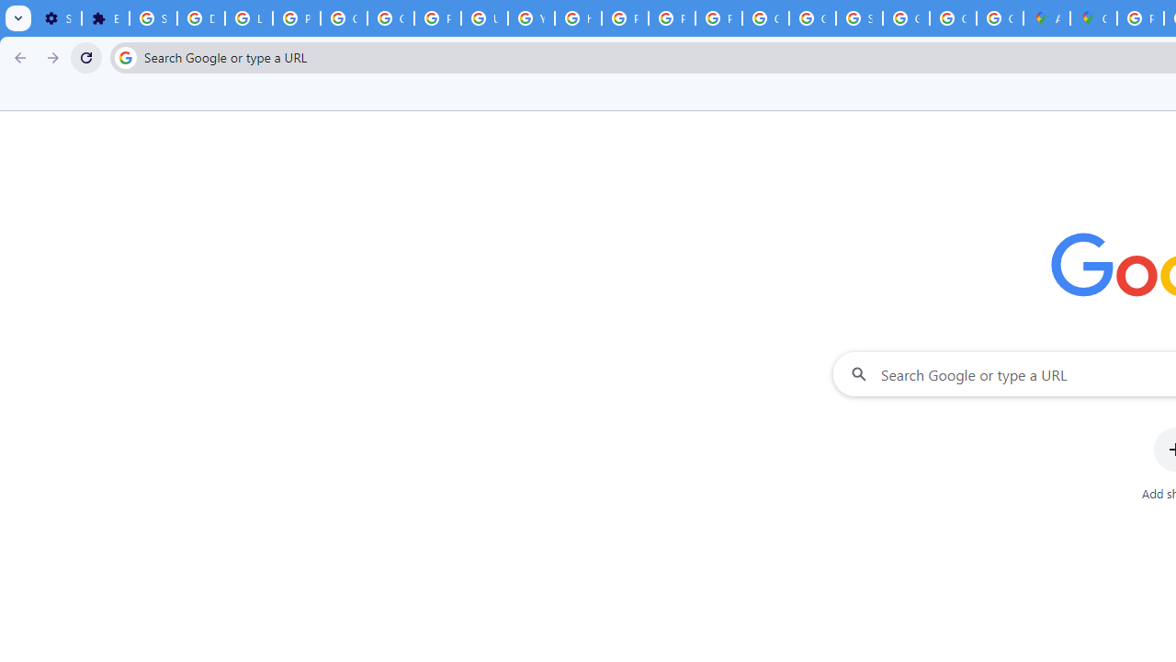  What do you see at coordinates (153, 18) in the screenshot?
I see `'Sign in - Google Accounts'` at bounding box center [153, 18].